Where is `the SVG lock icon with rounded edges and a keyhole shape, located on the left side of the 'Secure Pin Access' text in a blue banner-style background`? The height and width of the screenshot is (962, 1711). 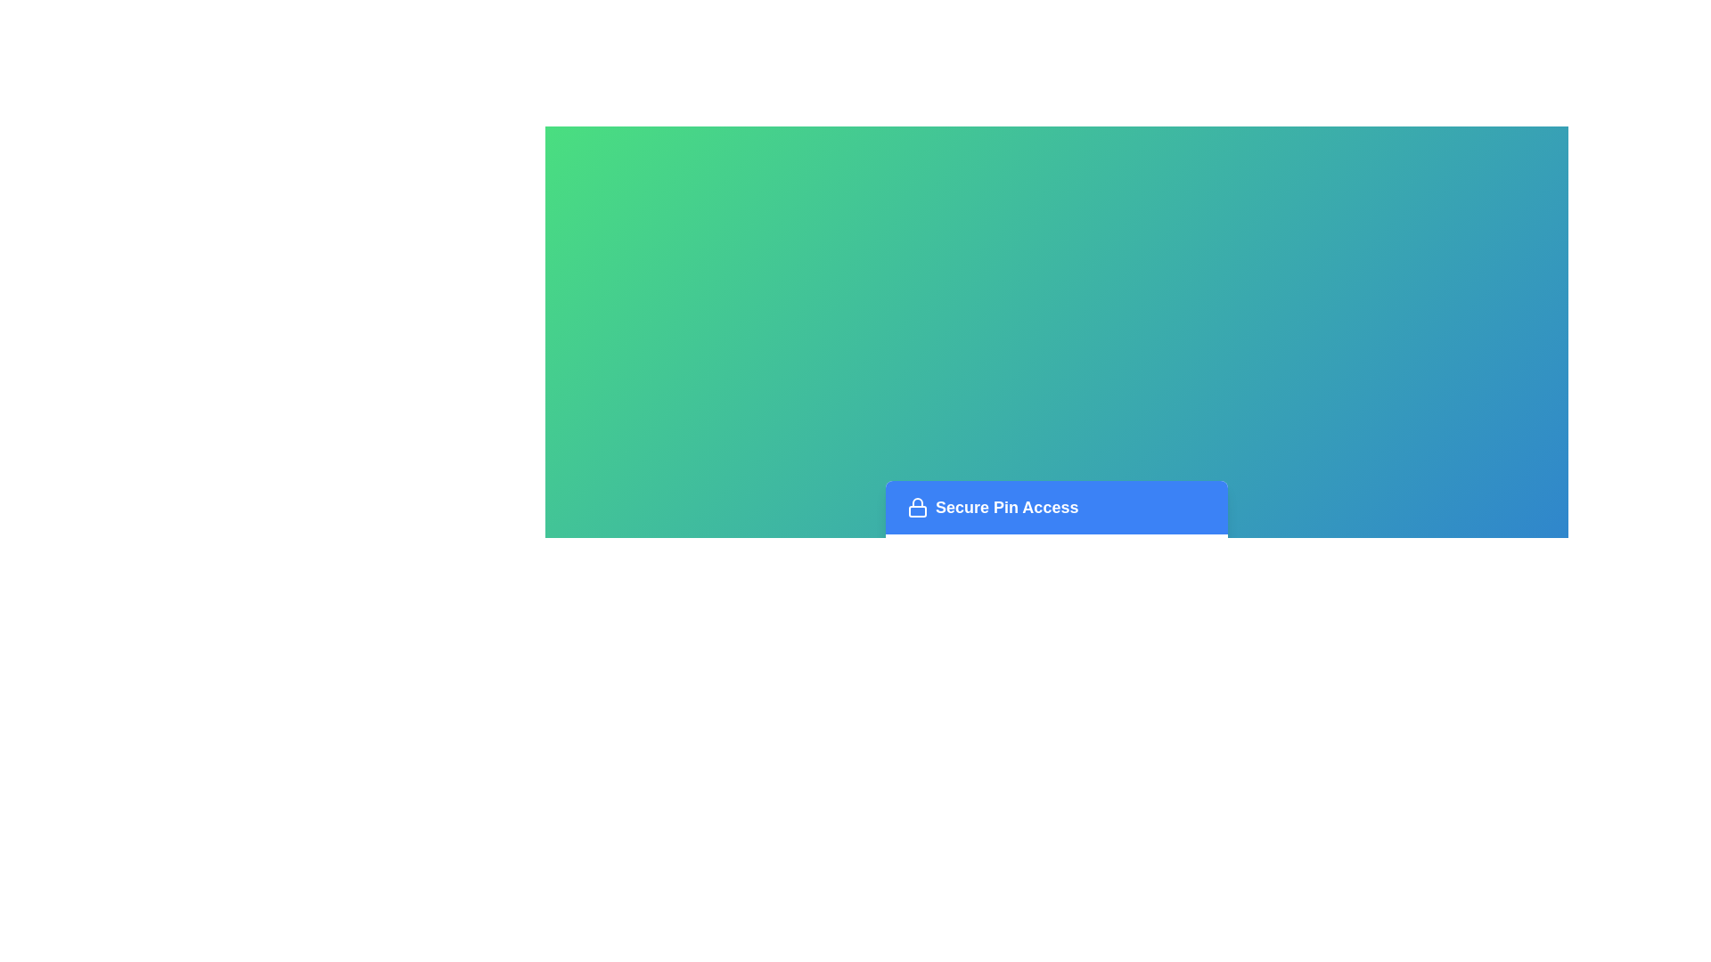
the SVG lock icon with rounded edges and a keyhole shape, located on the left side of the 'Secure Pin Access' text in a blue banner-style background is located at coordinates (918, 508).